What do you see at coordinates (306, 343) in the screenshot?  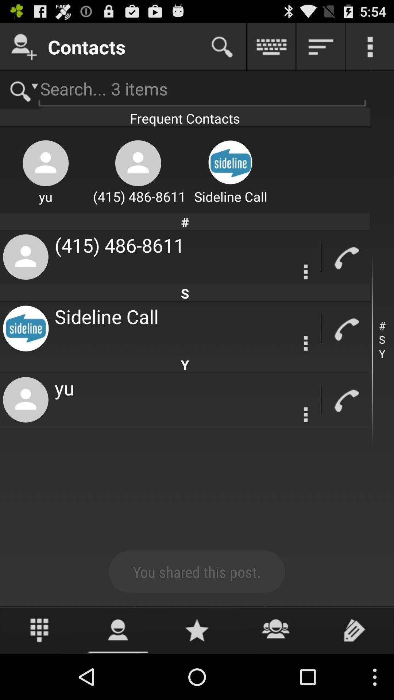 I see `more options` at bounding box center [306, 343].